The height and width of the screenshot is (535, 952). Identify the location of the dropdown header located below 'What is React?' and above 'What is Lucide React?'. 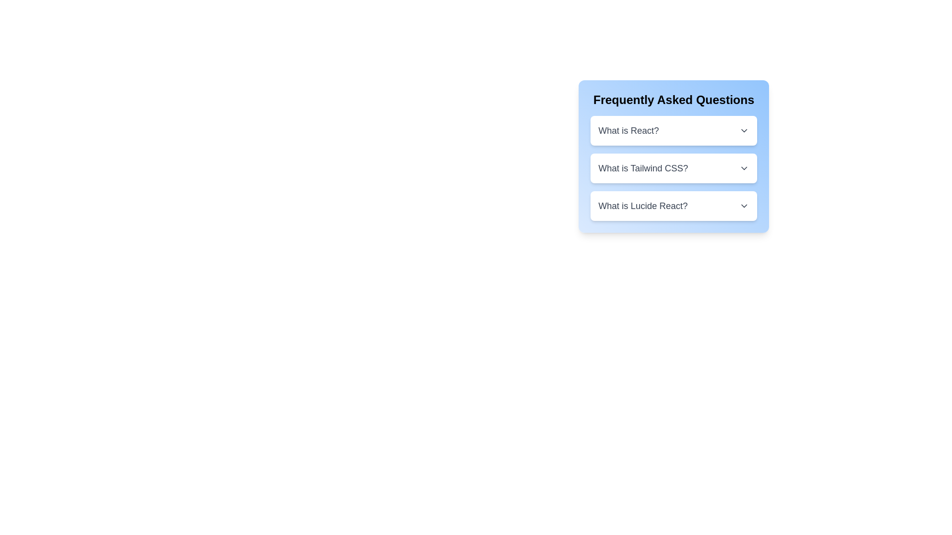
(673, 167).